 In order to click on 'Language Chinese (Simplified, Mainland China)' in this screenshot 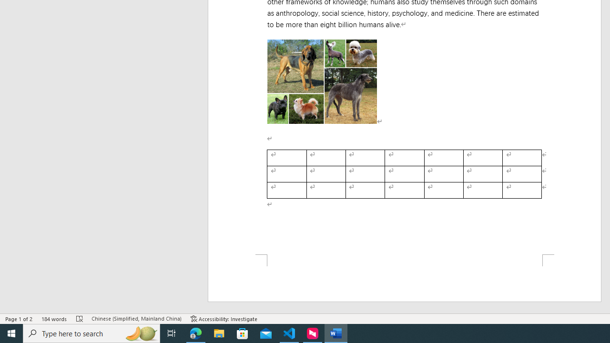, I will do `click(136, 319)`.